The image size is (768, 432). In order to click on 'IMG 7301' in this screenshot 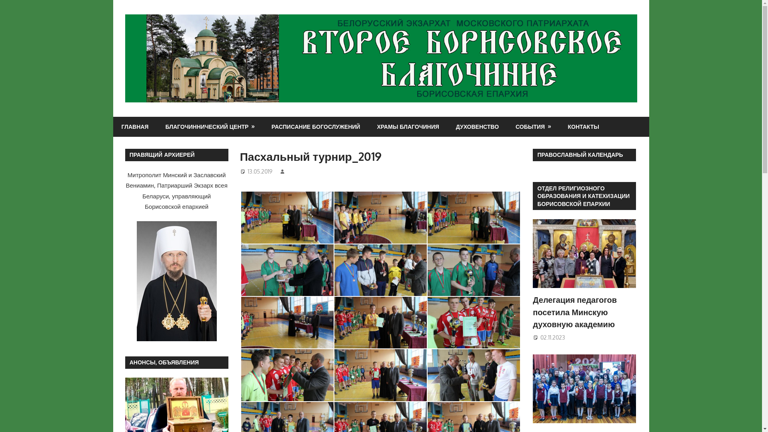, I will do `click(380, 322)`.